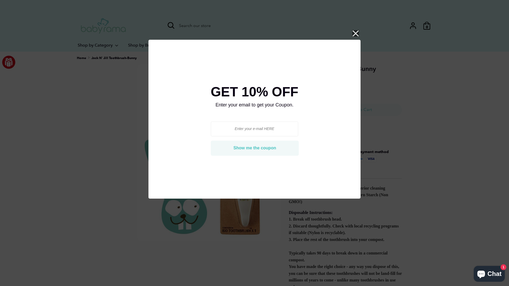 The height and width of the screenshot is (286, 509). I want to click on 'Close', so click(356, 35).